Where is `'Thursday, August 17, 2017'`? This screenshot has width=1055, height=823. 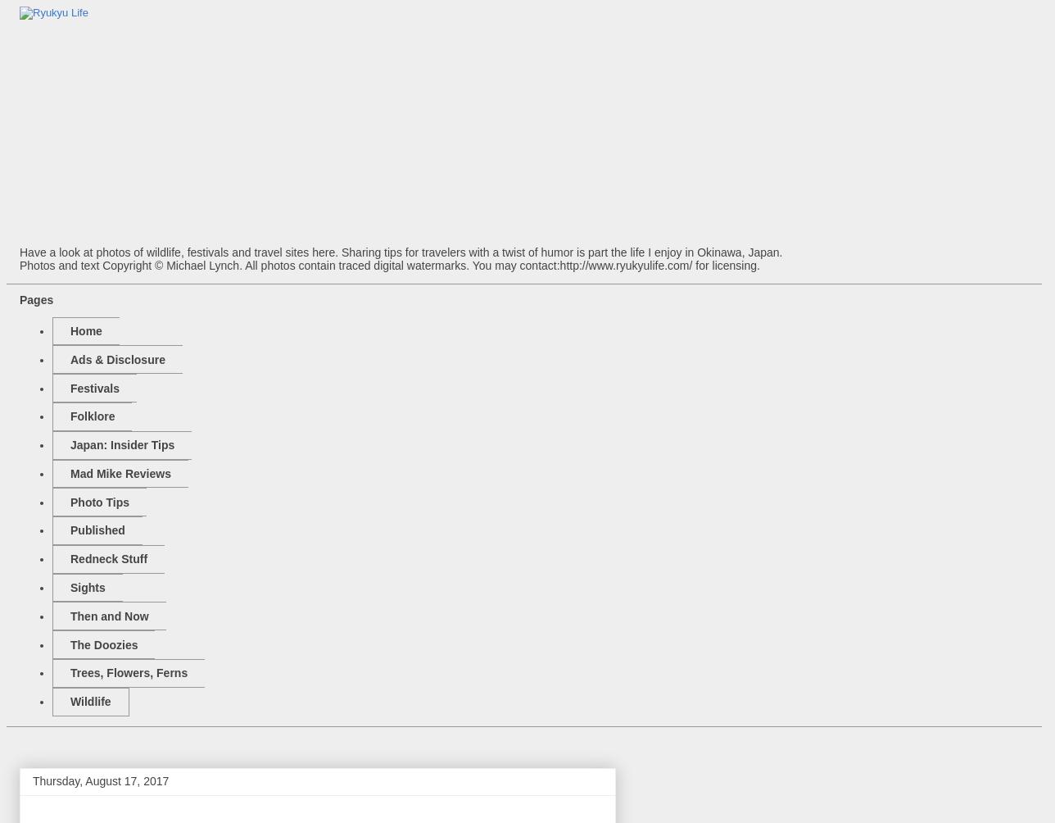 'Thursday, August 17, 2017' is located at coordinates (101, 779).